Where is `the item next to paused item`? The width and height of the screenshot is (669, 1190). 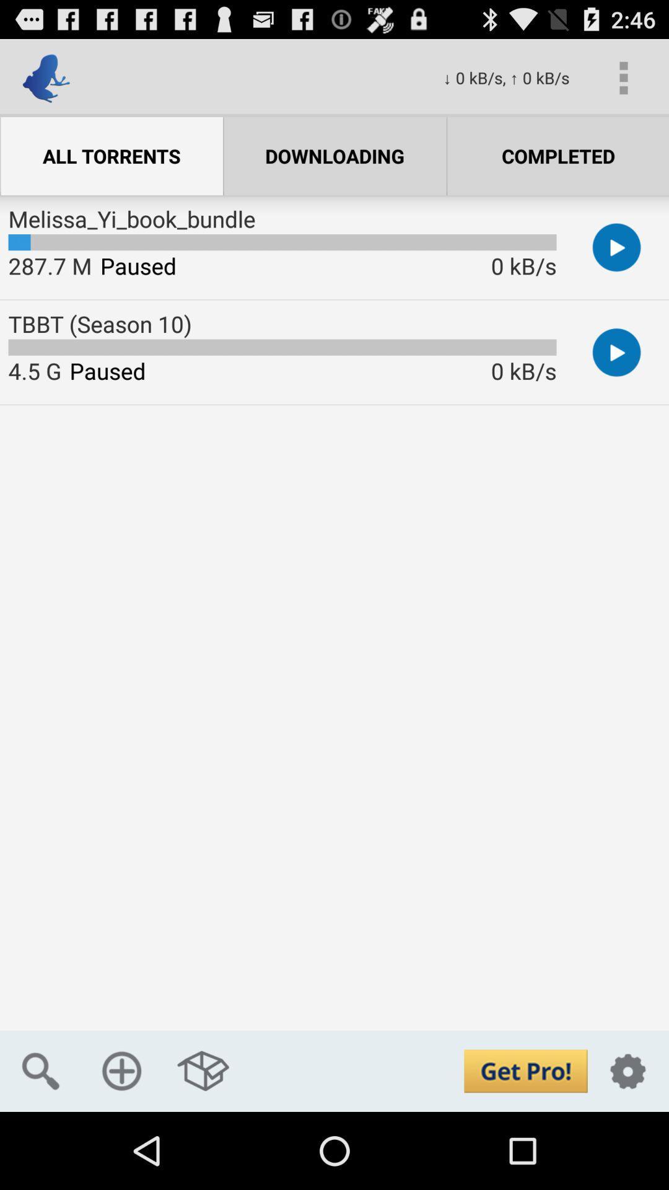 the item next to paused item is located at coordinates (34, 370).